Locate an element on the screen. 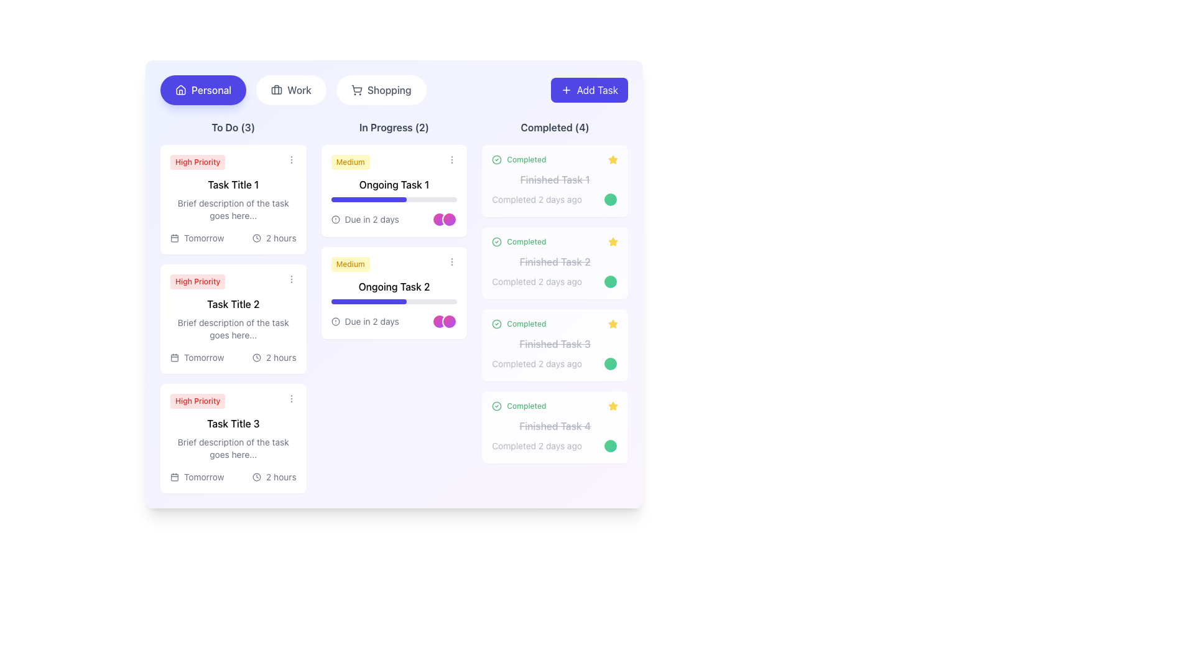 The width and height of the screenshot is (1194, 672). the Status indicator with an icon and text combined located in the 'Completed' section, aligned left within the fourth card near the top left corner is located at coordinates (519, 406).